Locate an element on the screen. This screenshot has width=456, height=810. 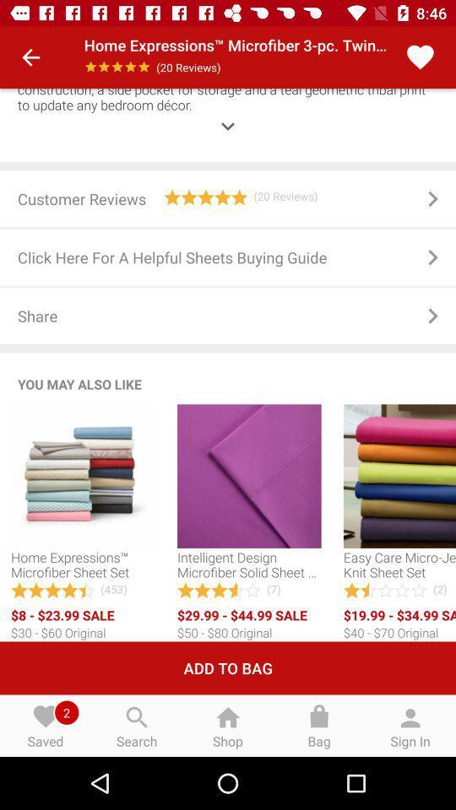
item to the left of the home expressions microfiber item is located at coordinates (30, 57).